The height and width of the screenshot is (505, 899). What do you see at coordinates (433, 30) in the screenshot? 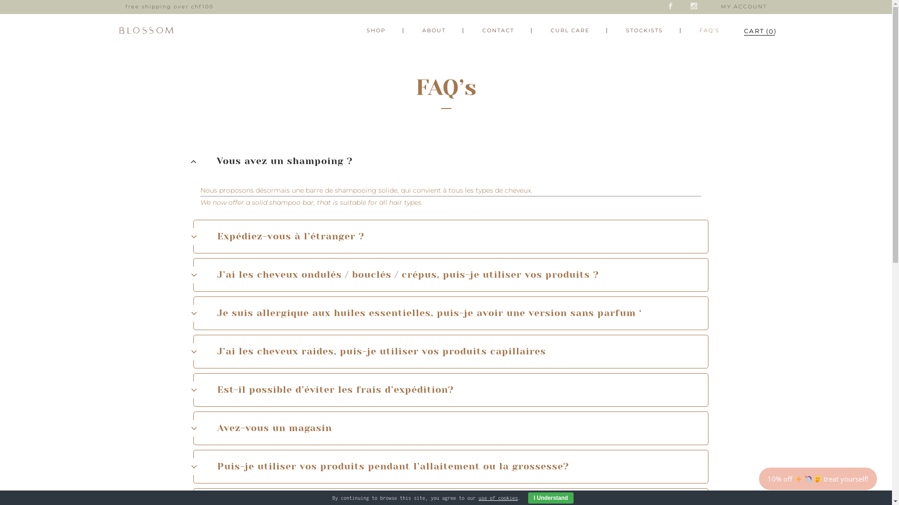
I see `'ABOUT'` at bounding box center [433, 30].